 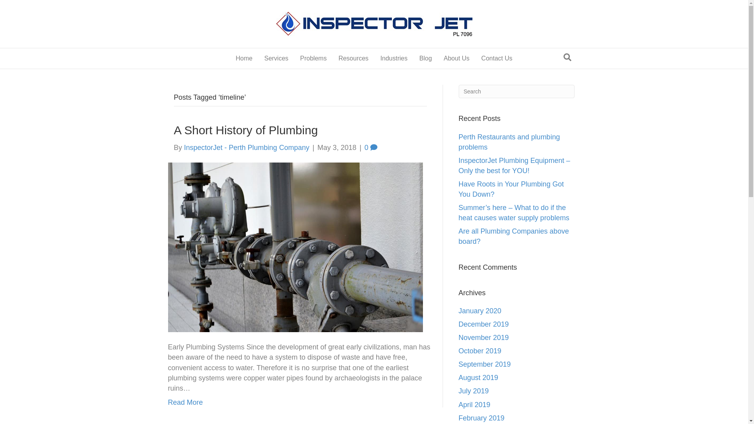 What do you see at coordinates (481, 417) in the screenshot?
I see `'February 2019'` at bounding box center [481, 417].